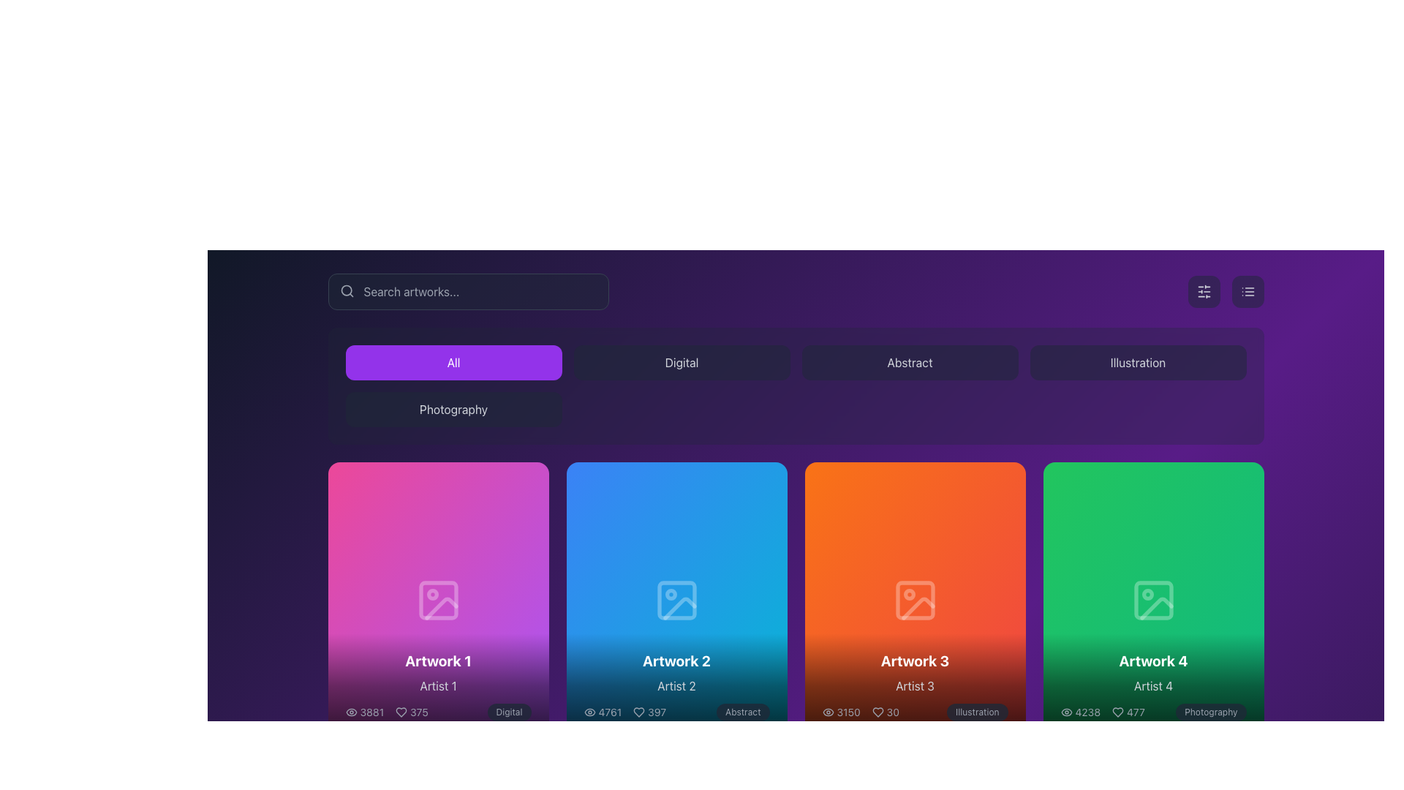 The image size is (1404, 790). What do you see at coordinates (1152, 600) in the screenshot?
I see `the download button with a circular shape and dark gray background located on the green card labeled 'Artwork 4'` at bounding box center [1152, 600].